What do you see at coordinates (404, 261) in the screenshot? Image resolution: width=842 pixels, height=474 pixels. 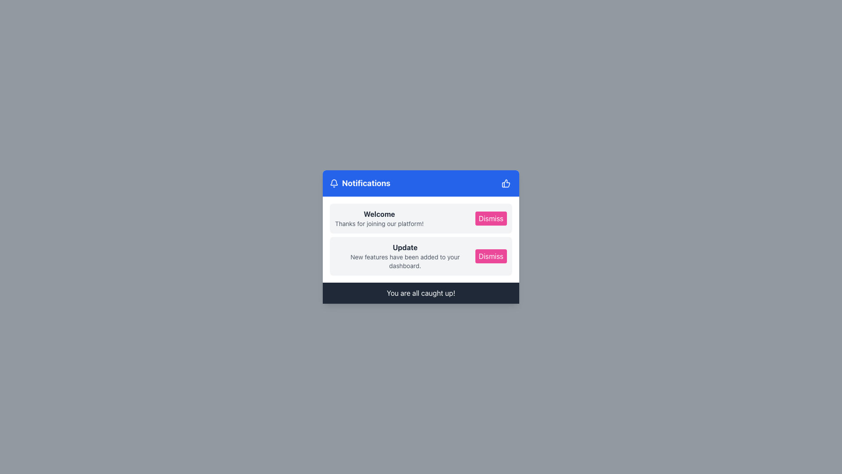 I see `the static text element that conveys information about new features being added to the user's dashboard, located in the second notification block under the title 'Update'` at bounding box center [404, 261].